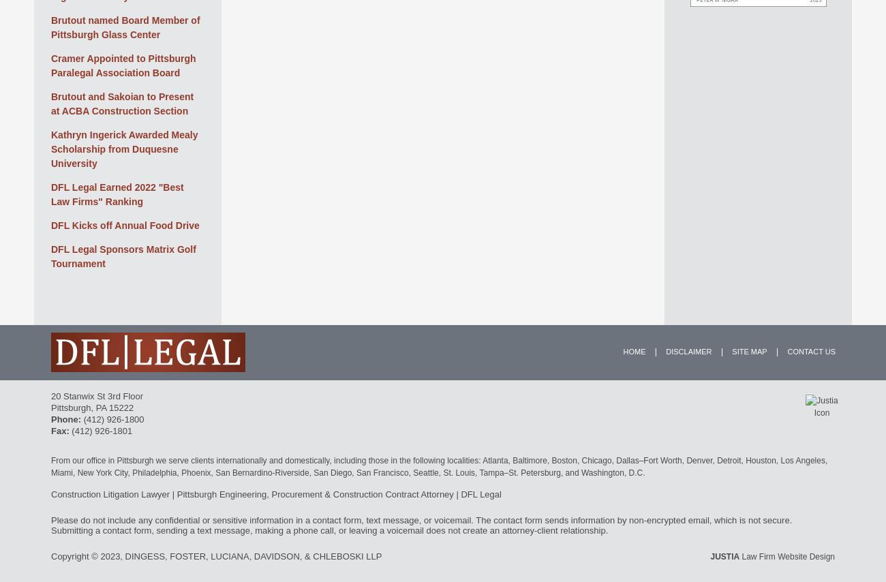 This screenshot has width=886, height=582. I want to click on 'Brutout and Sakoian to Present at ACBA Construction Section', so click(122, 103).